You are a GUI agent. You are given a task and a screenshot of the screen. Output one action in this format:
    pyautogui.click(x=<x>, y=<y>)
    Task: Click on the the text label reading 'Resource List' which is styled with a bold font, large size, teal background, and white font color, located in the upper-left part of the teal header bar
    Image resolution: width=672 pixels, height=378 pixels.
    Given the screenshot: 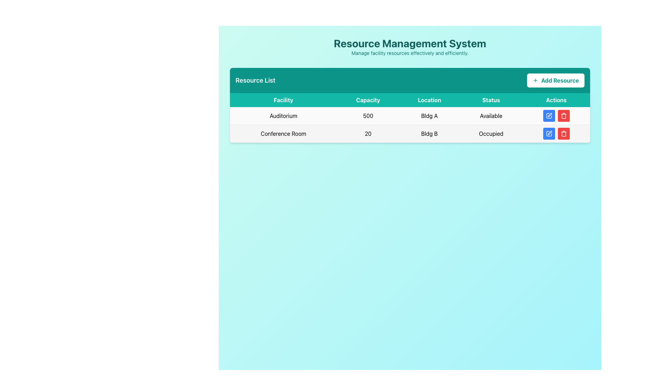 What is the action you would take?
    pyautogui.click(x=255, y=80)
    